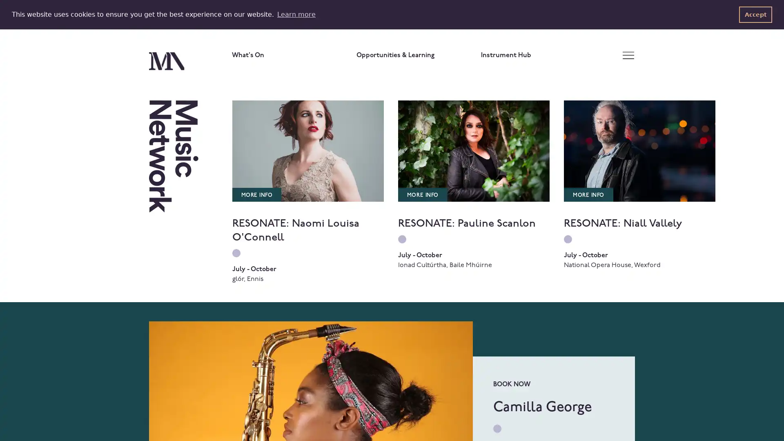 The height and width of the screenshot is (441, 784). What do you see at coordinates (755, 14) in the screenshot?
I see `dismiss cookie message` at bounding box center [755, 14].